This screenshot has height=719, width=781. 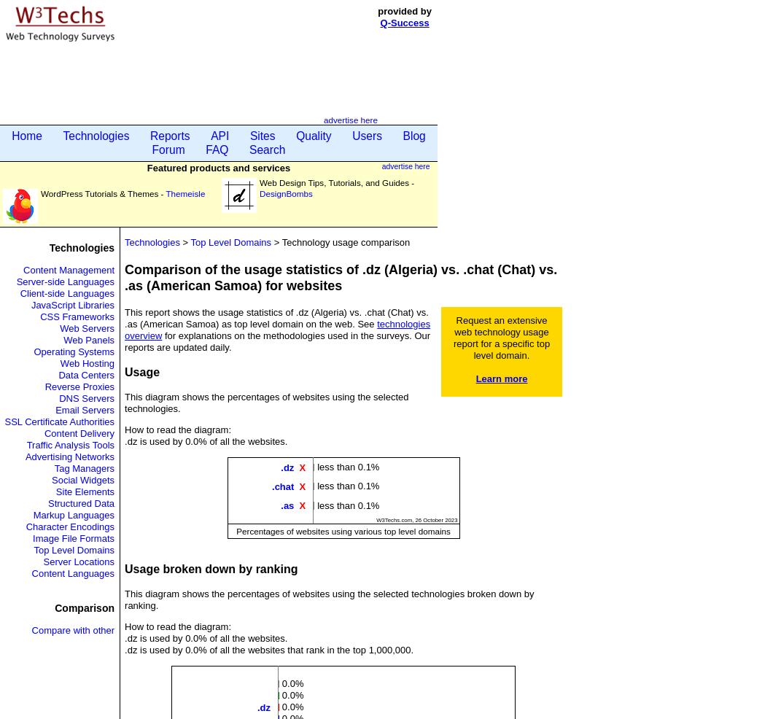 I want to click on 'Comparison of the usage statistics of .dz (Algeria) vs. .chat (Chat) vs. .as (American Samoa) for websites', so click(x=124, y=276).